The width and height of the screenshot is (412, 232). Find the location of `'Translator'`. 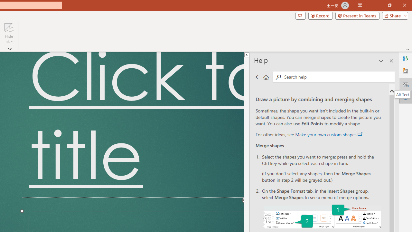

'Translator' is located at coordinates (405, 58).